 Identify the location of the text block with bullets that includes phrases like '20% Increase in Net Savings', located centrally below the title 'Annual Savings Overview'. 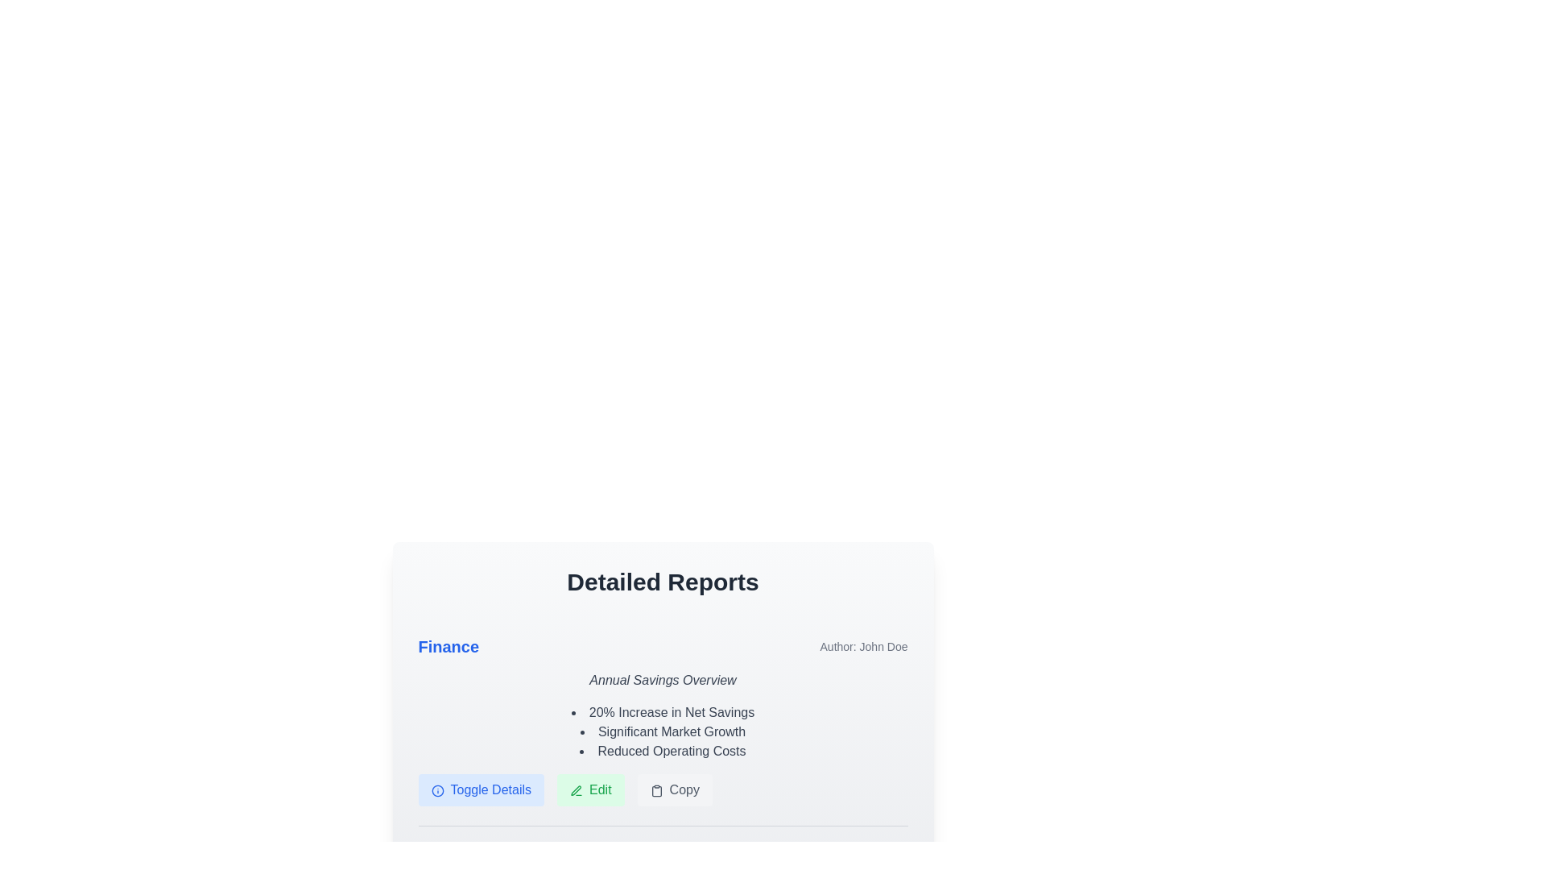
(663, 719).